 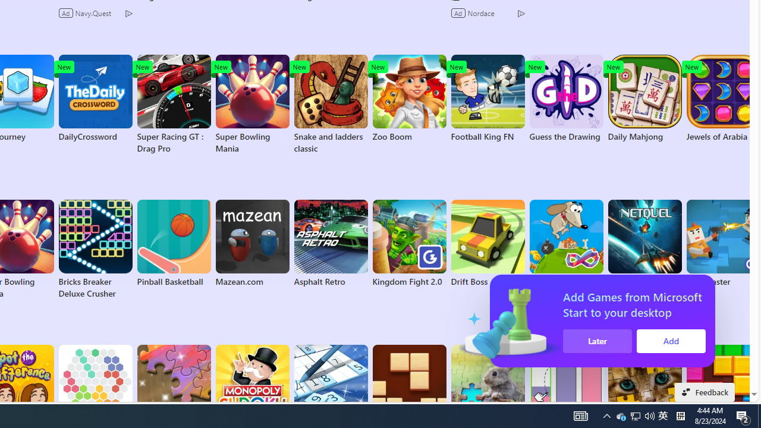 What do you see at coordinates (251, 243) in the screenshot?
I see `'Mazean.com'` at bounding box center [251, 243].